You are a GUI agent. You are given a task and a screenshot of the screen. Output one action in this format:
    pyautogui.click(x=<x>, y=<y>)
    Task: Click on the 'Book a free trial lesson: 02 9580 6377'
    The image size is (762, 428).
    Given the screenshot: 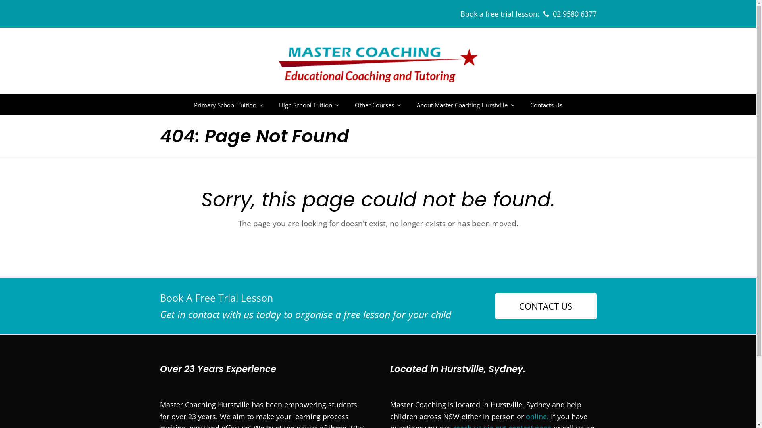 What is the action you would take?
    pyautogui.click(x=528, y=13)
    